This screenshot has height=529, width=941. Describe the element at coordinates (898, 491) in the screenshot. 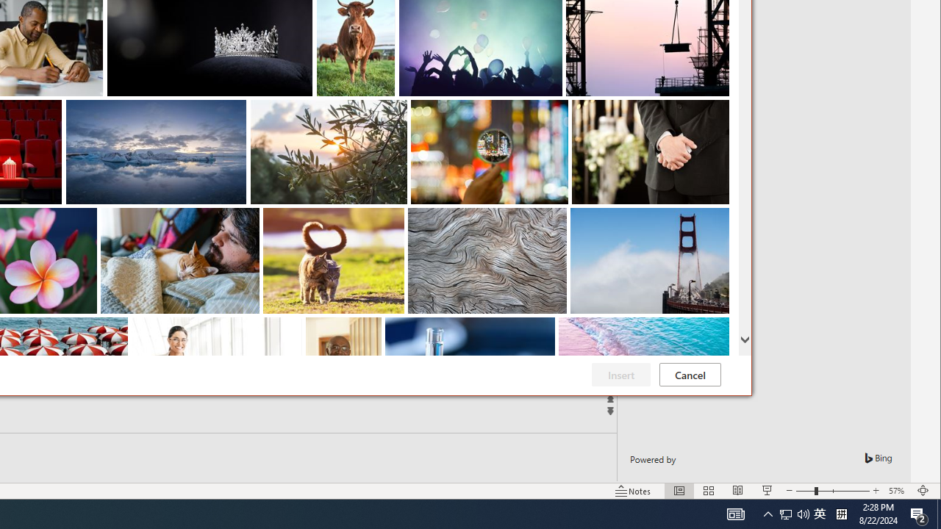

I see `'Zoom 57%'` at that location.